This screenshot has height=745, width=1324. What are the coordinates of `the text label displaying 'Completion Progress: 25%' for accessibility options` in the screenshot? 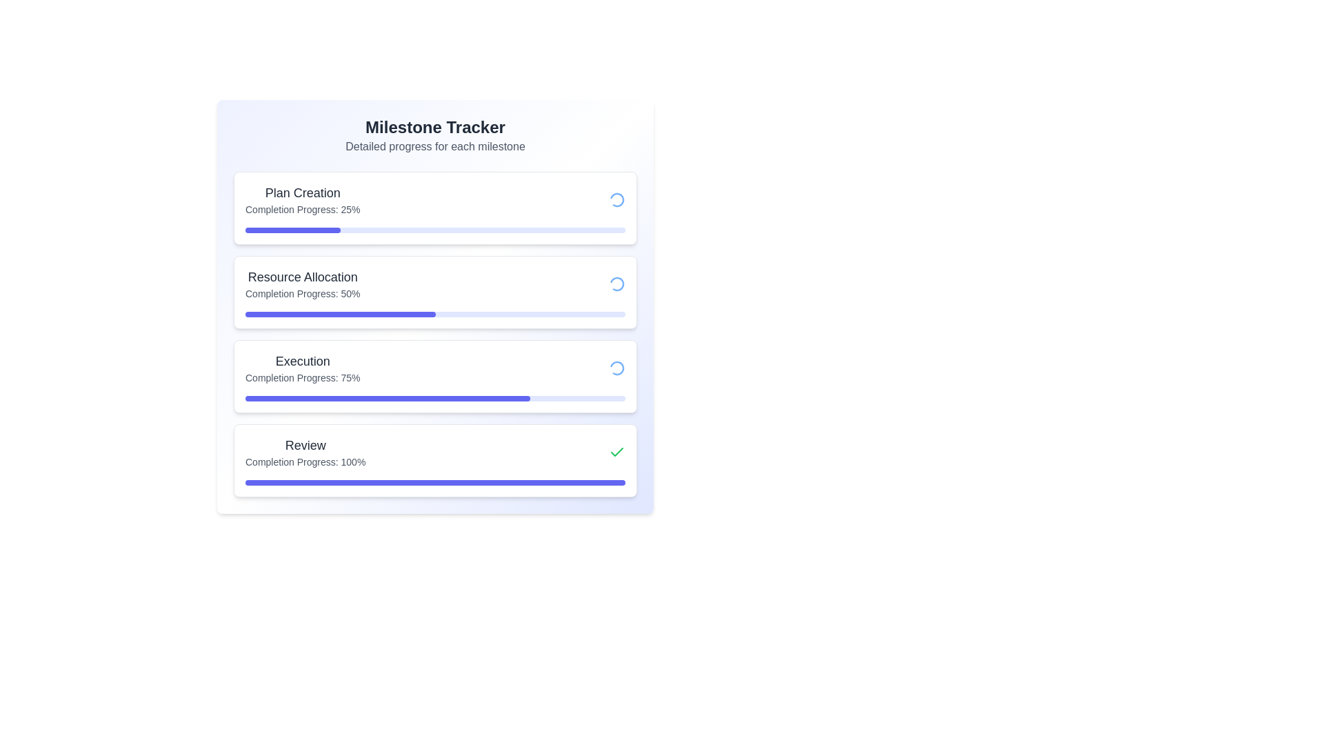 It's located at (302, 210).